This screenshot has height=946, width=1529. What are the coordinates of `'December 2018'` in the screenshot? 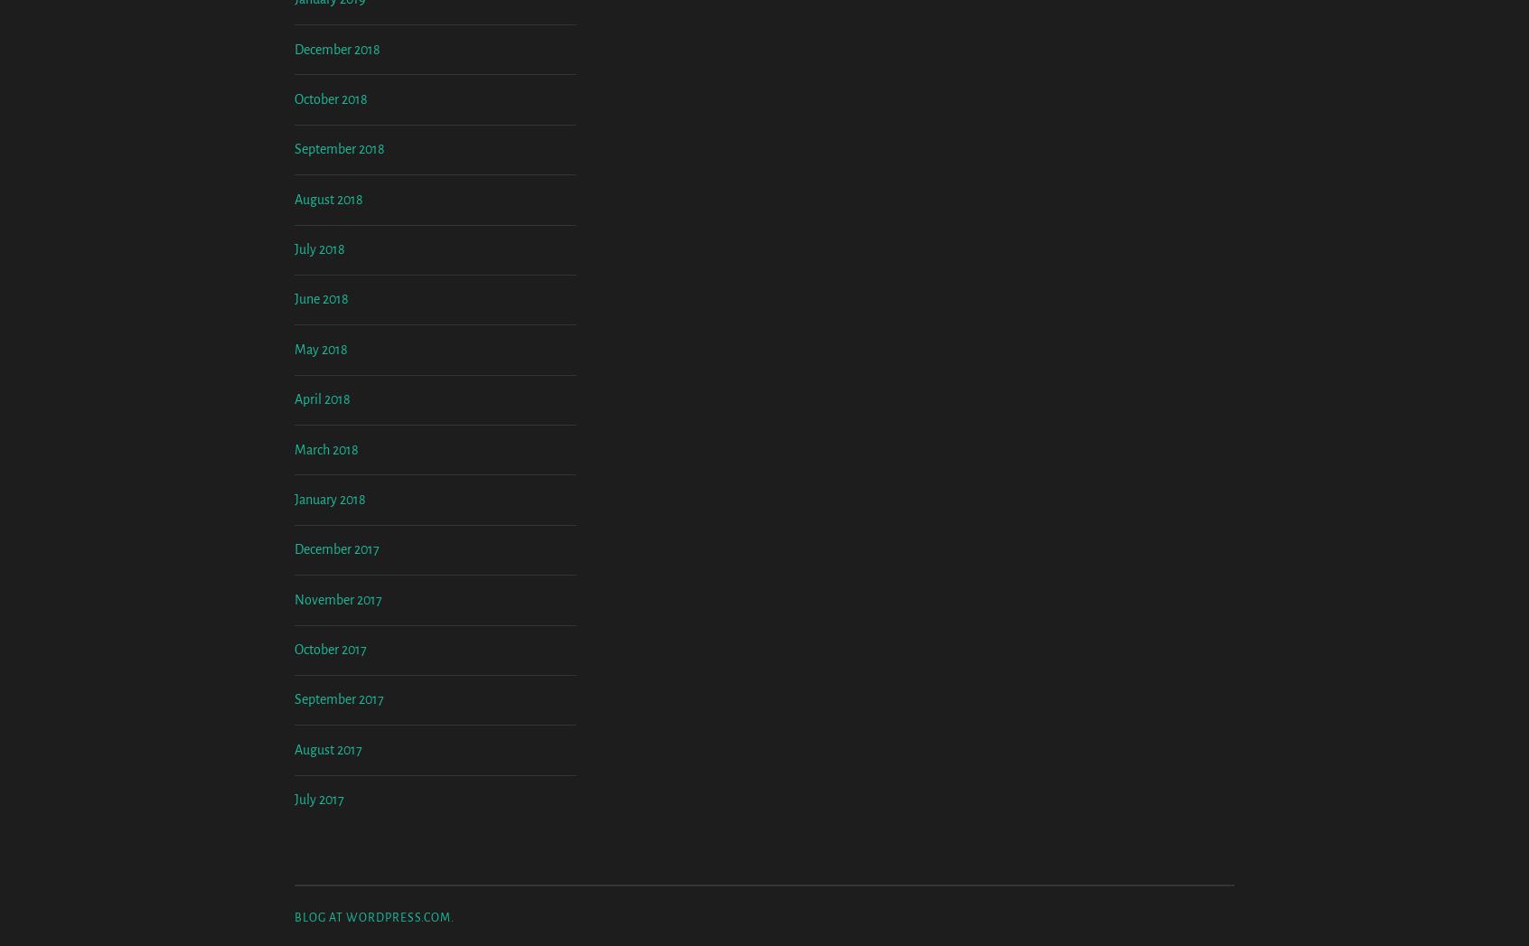 It's located at (294, 197).